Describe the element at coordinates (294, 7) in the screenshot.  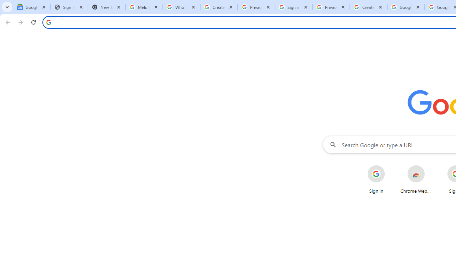
I see `'Sign in - Google Accounts'` at that location.